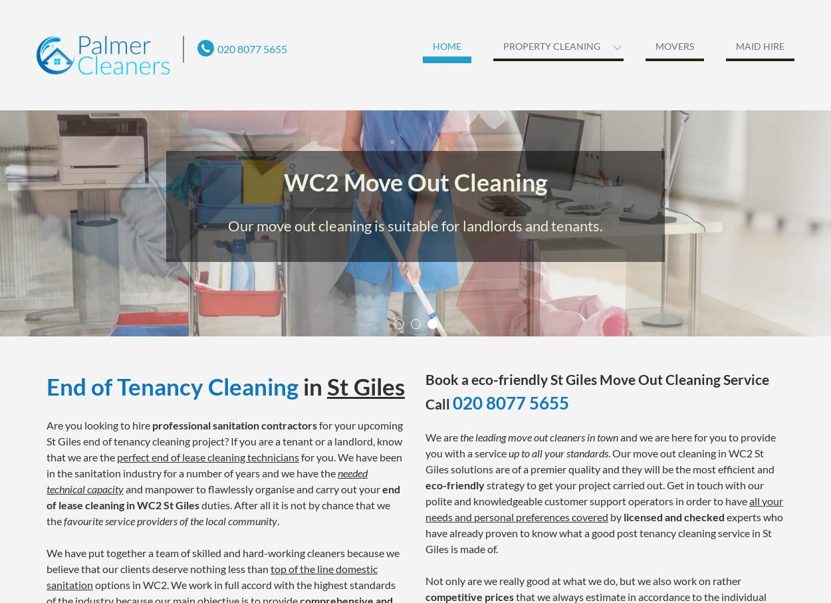  What do you see at coordinates (542, 174) in the screenshot?
I see `'Post Construction Cleaning'` at bounding box center [542, 174].